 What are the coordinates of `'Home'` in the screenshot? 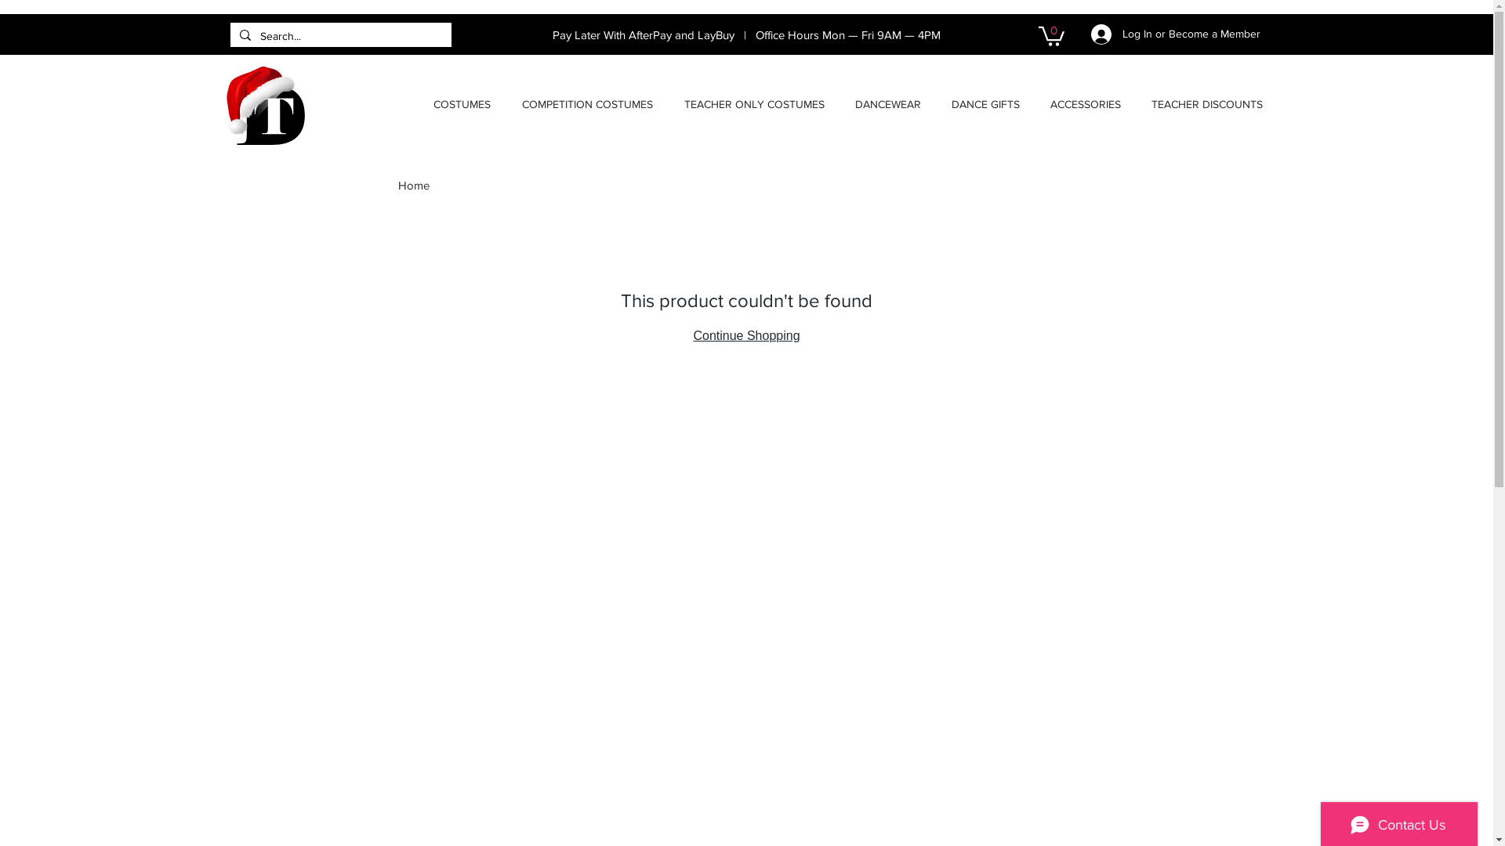 It's located at (398, 184).